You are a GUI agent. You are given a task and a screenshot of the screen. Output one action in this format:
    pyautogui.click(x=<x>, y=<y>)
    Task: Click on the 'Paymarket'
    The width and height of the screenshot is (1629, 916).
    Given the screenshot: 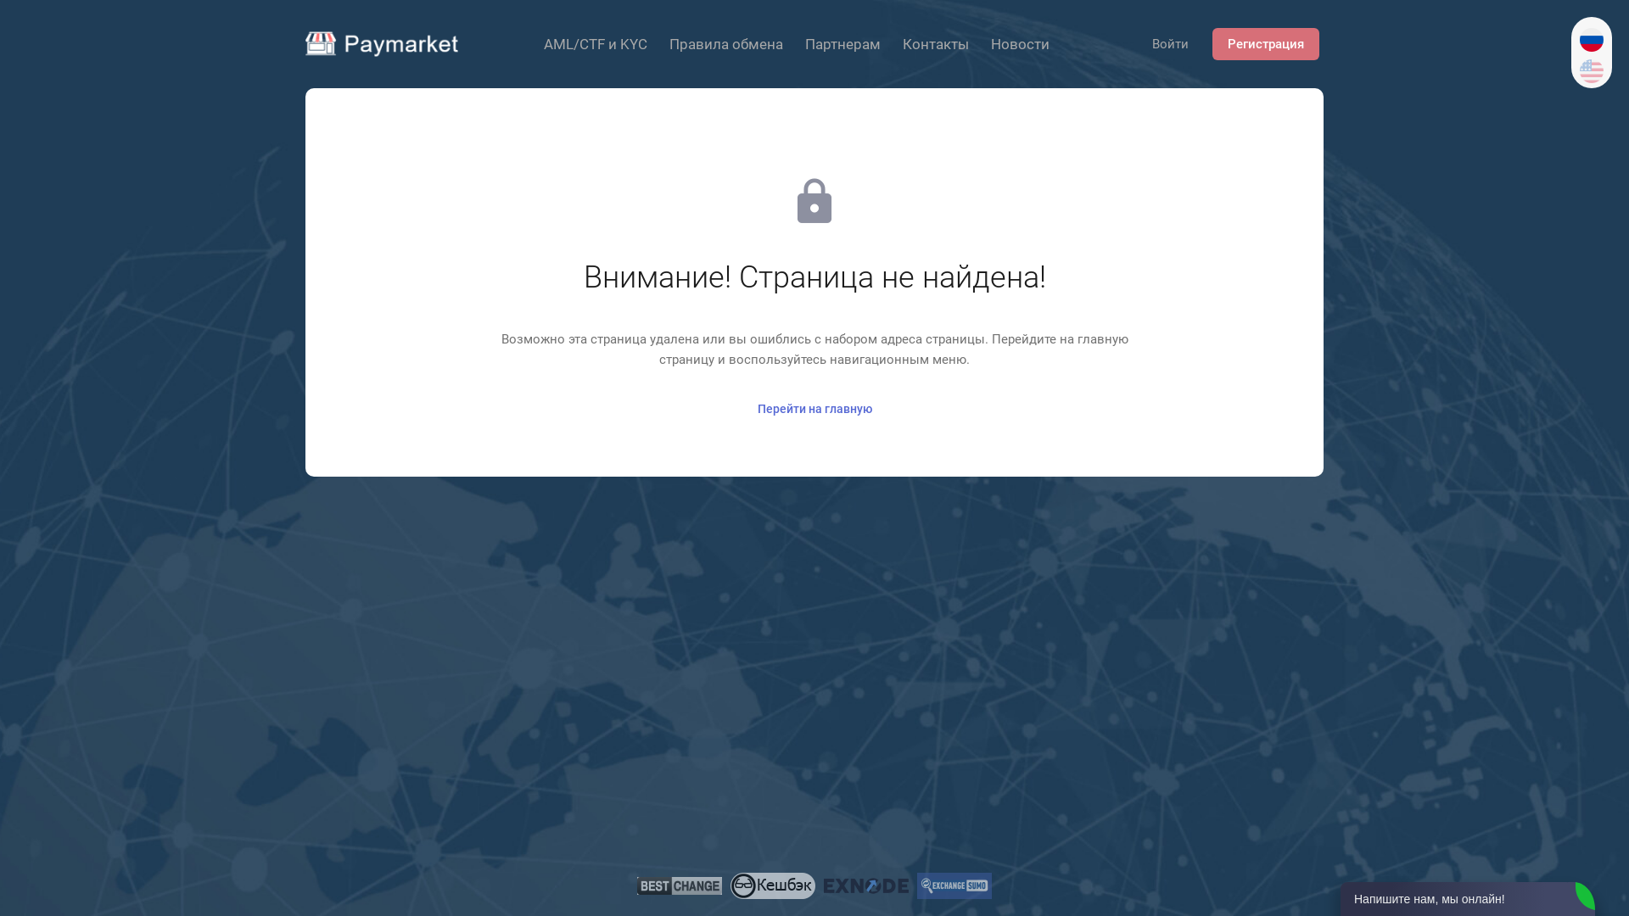 What is the action you would take?
    pyautogui.click(x=305, y=43)
    